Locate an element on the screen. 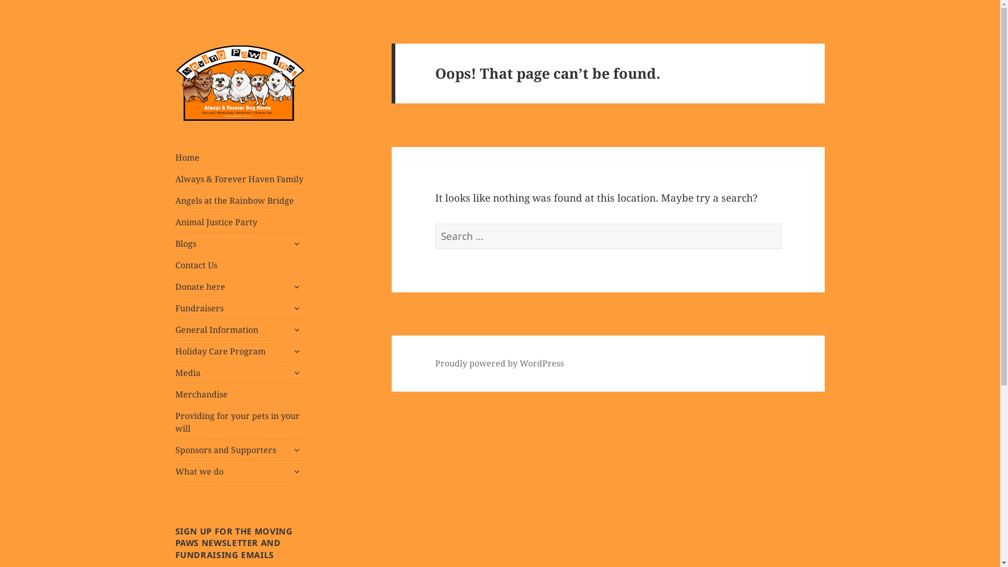 The image size is (1008, 567). 'Blogs' is located at coordinates (239, 243).